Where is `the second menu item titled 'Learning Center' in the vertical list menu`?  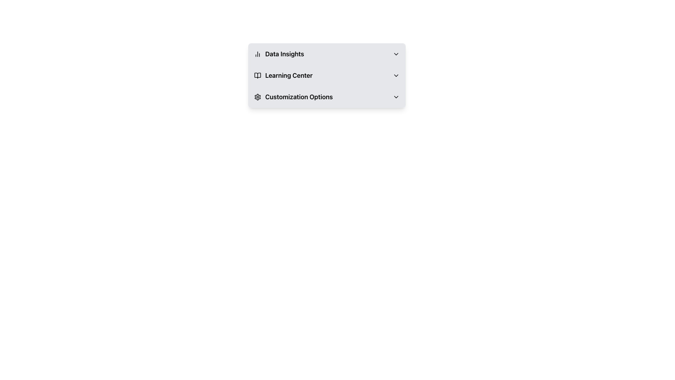 the second menu item titled 'Learning Center' in the vertical list menu is located at coordinates (326, 76).